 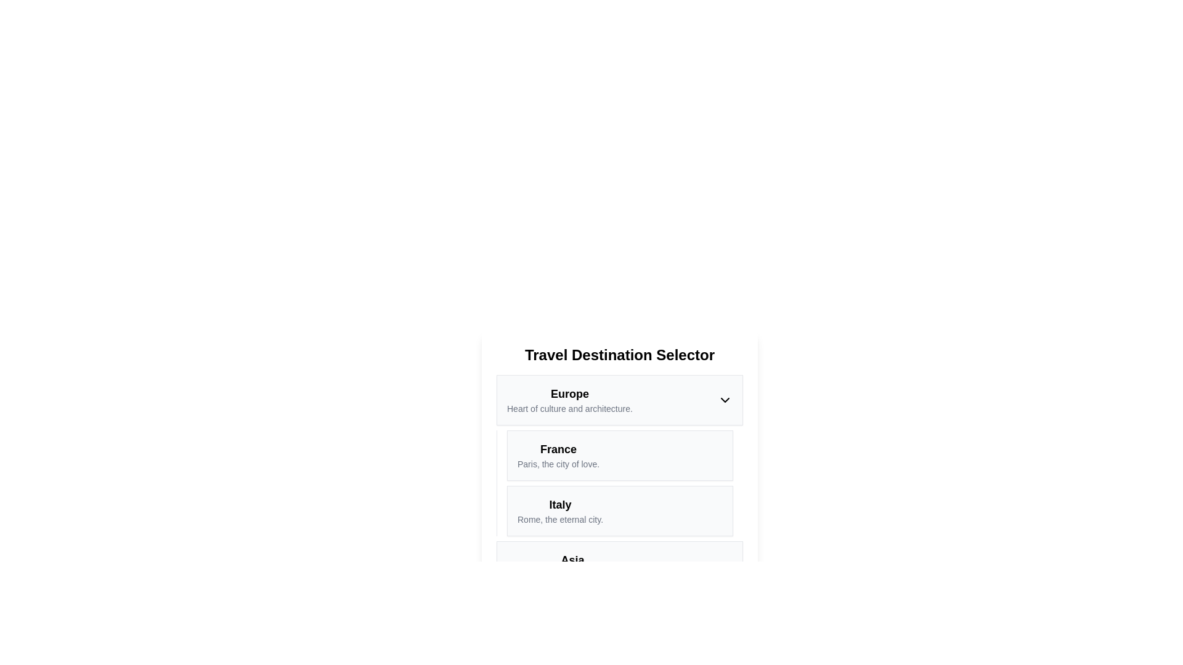 I want to click on the icon located at the far right of the 'Europe' section header, so click(x=725, y=400).